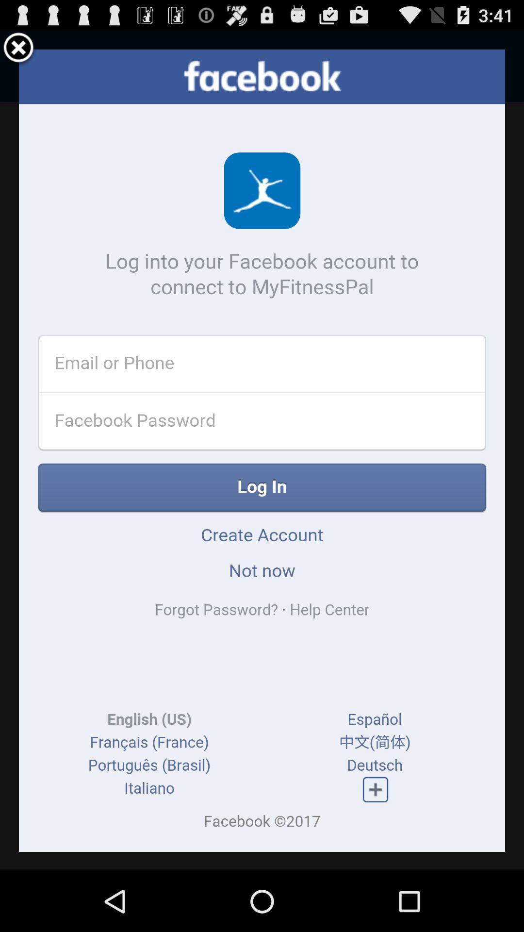 The image size is (524, 932). Describe the element at coordinates (18, 52) in the screenshot. I see `the close icon` at that location.